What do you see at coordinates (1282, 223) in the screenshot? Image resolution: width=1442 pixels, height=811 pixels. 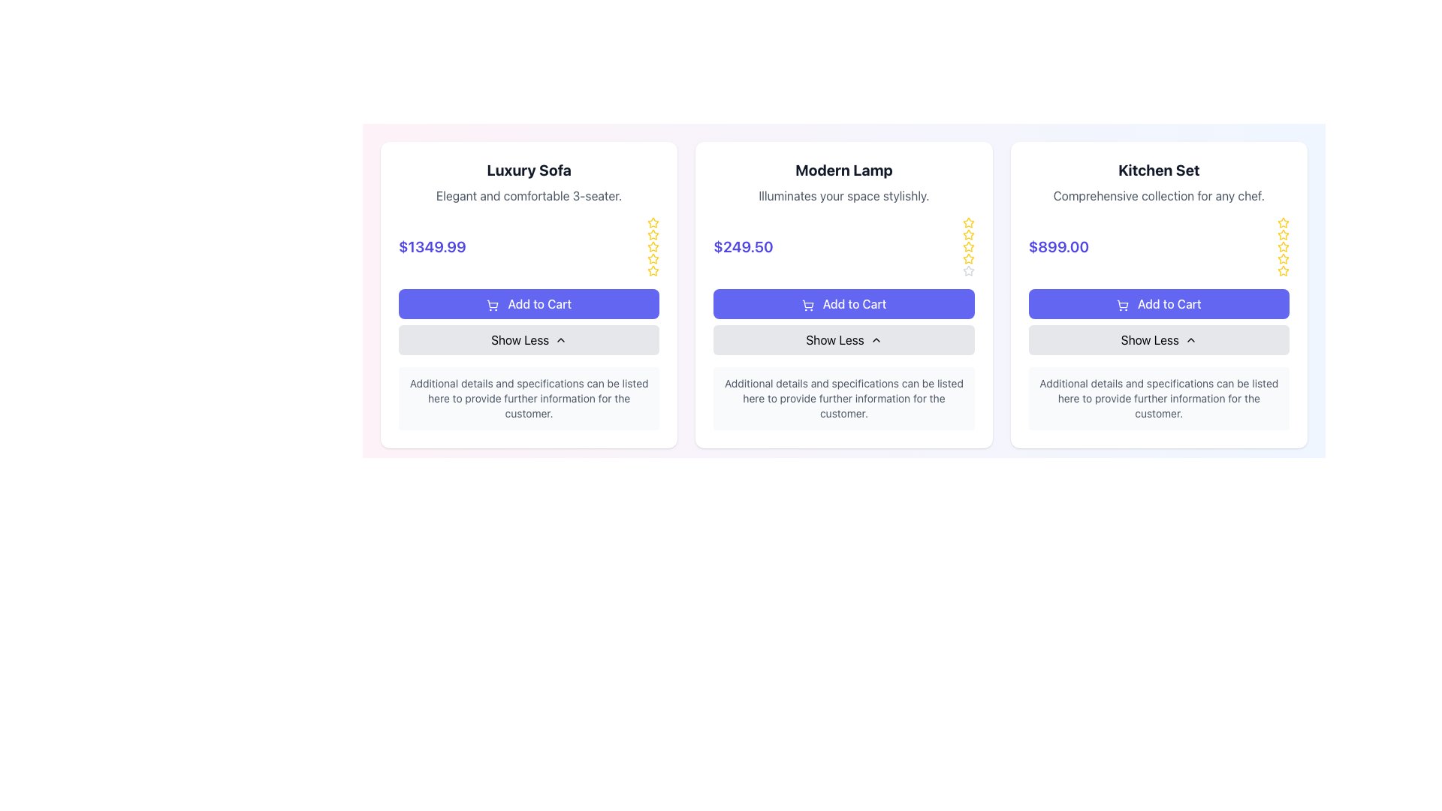 I see `the topmost star icon used for rating in the 'Kitchen Set' product card, located to the right of the product title and description` at bounding box center [1282, 223].